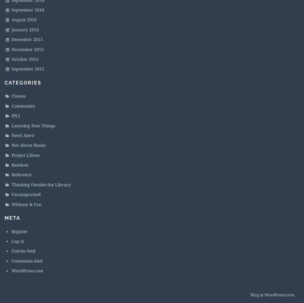 This screenshot has height=303, width=304. Describe the element at coordinates (33, 125) in the screenshot. I see `'Learning New Things'` at that location.